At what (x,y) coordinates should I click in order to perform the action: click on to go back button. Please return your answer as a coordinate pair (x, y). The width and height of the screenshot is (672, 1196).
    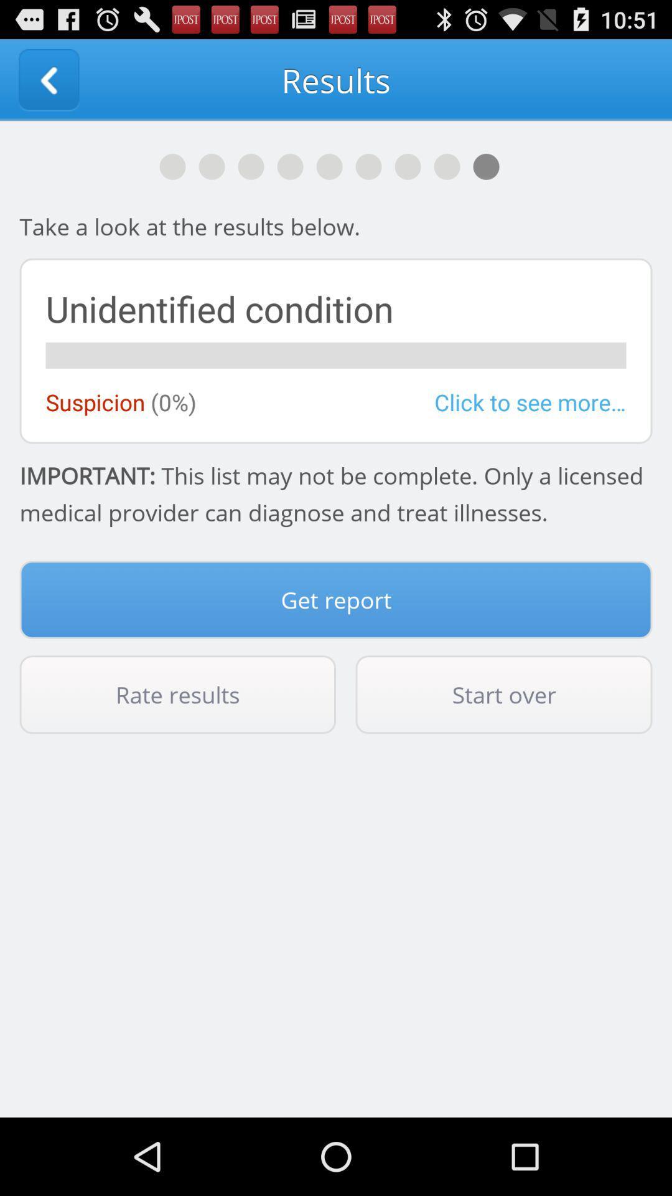
    Looking at the image, I should click on (48, 79).